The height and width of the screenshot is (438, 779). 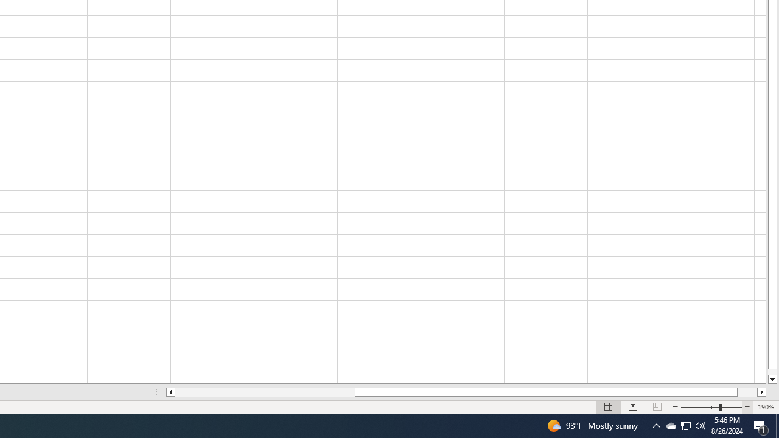 What do you see at coordinates (746, 407) in the screenshot?
I see `'Zoom In'` at bounding box center [746, 407].